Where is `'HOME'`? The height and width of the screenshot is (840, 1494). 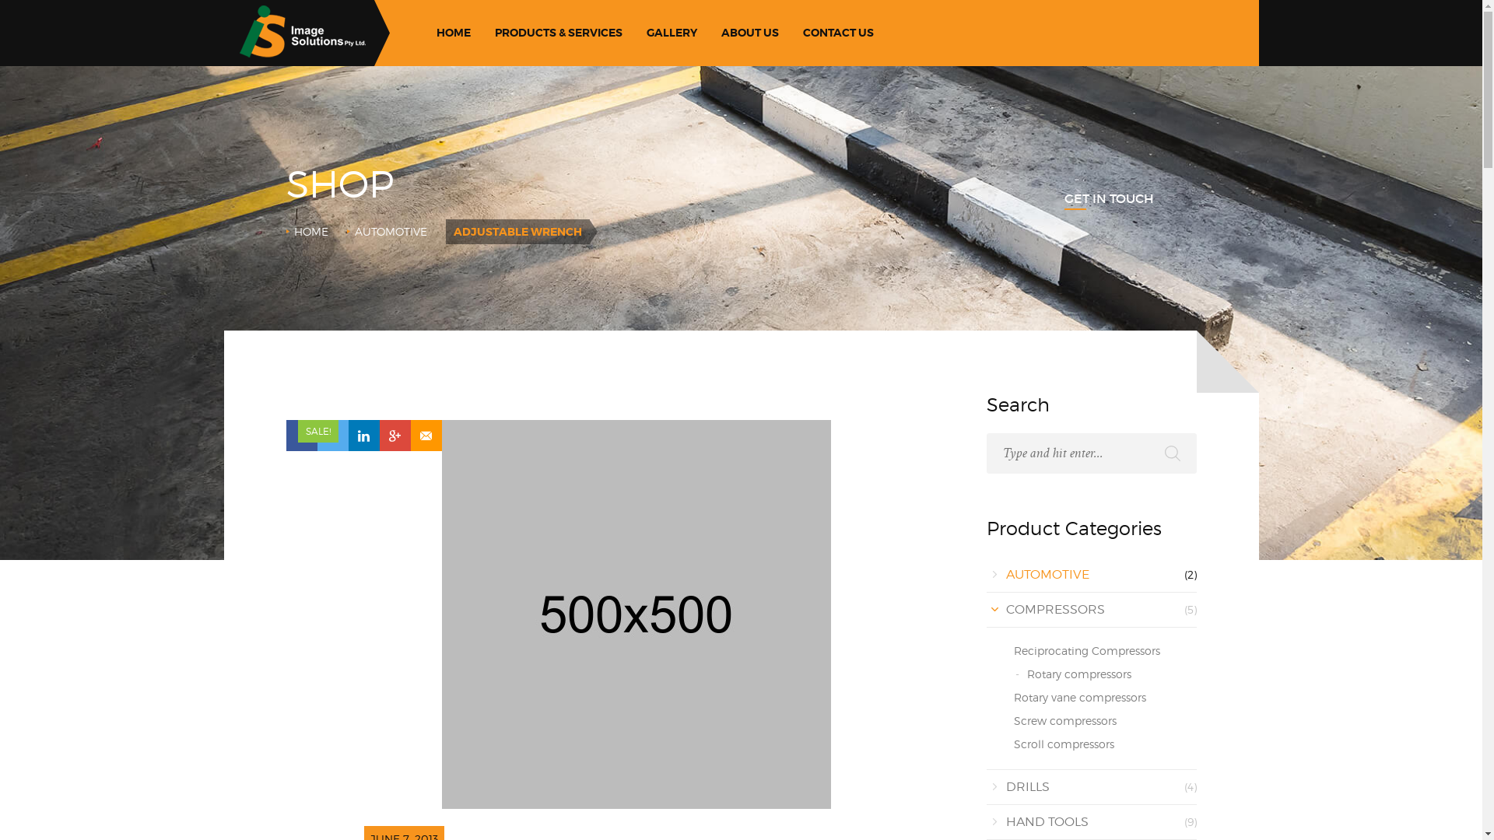 'HOME' is located at coordinates (310, 231).